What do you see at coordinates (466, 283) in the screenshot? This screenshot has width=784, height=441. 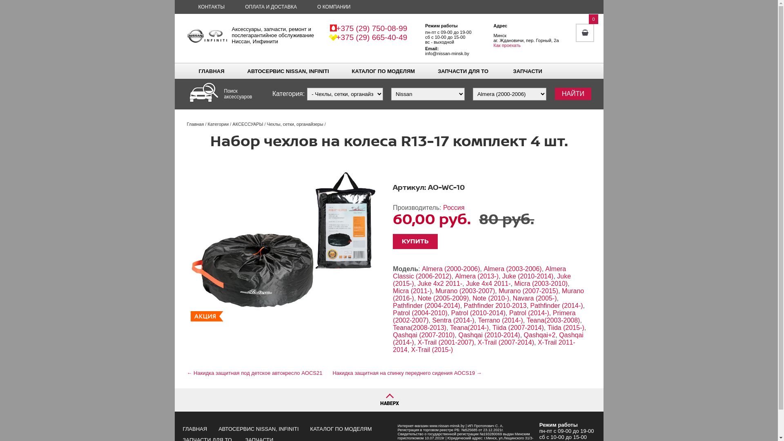 I see `'Juke 4x4 2011-'` at bounding box center [466, 283].